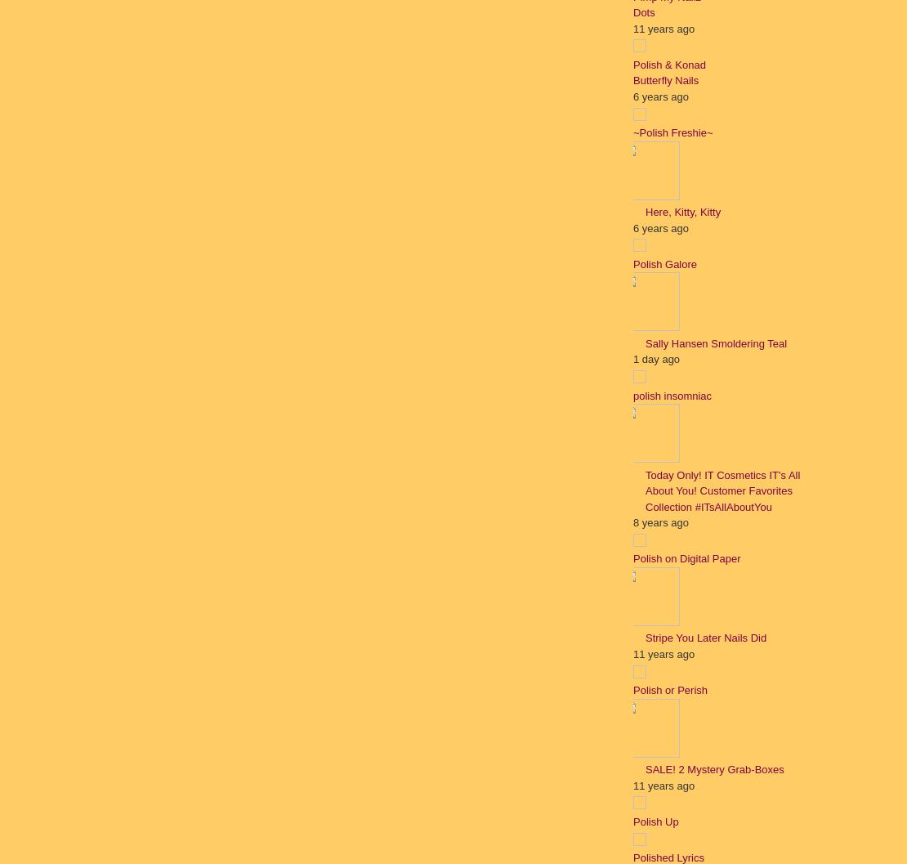 Image resolution: width=907 pixels, height=864 pixels. What do you see at coordinates (715, 342) in the screenshot?
I see `'Sally Hansen Smoldering Teal'` at bounding box center [715, 342].